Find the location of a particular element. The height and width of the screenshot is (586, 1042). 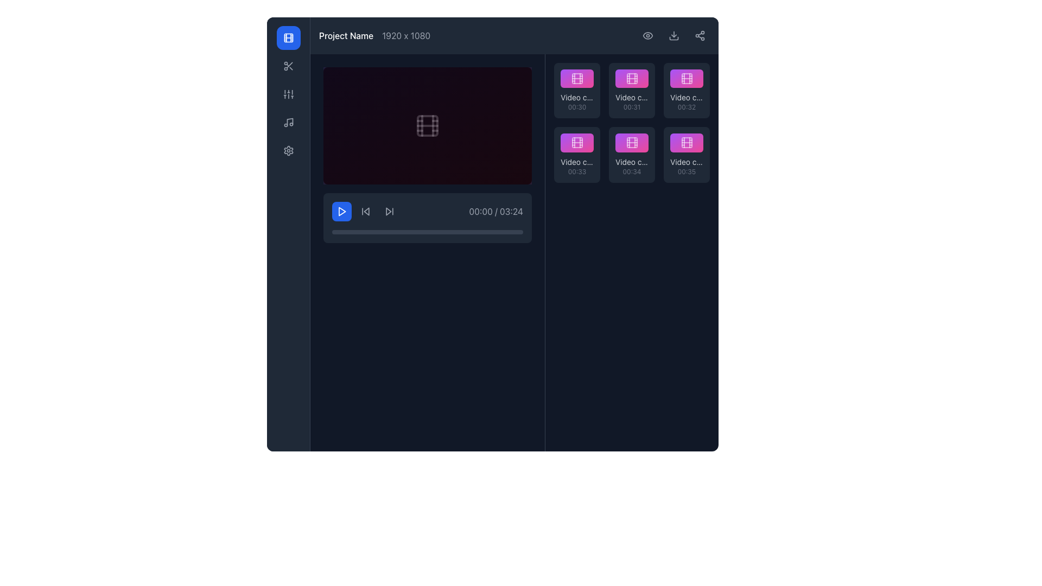

the vibrant blue play button with a white play icon located in the media controls section to play the media is located at coordinates (341, 211).